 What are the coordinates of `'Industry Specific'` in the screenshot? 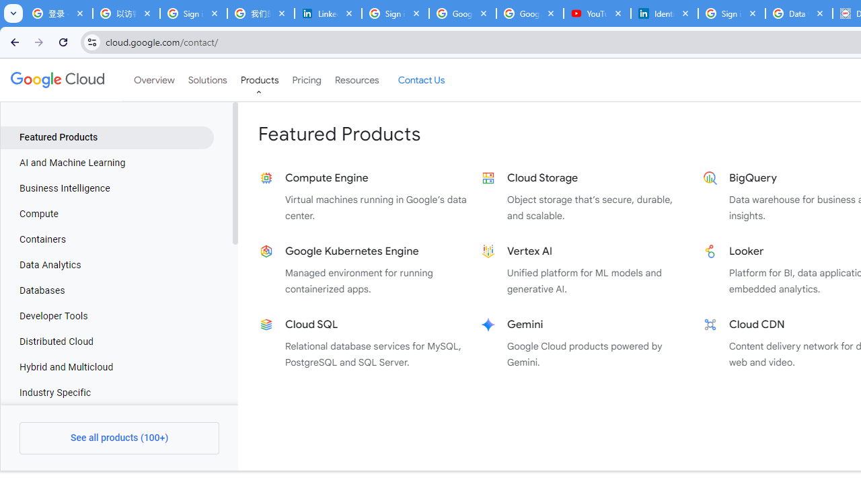 It's located at (106, 393).